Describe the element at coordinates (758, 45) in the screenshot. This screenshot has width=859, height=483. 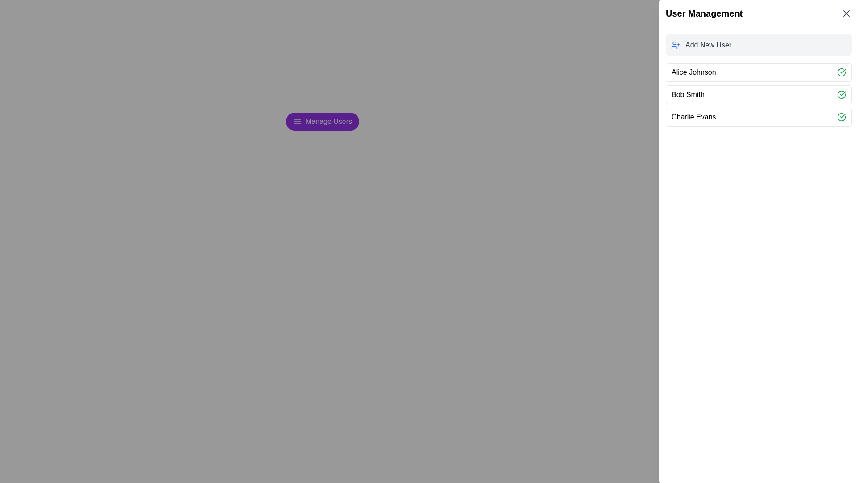
I see `the 'Add New User' button located in the right-aligned 'User Management' sidebar` at that location.